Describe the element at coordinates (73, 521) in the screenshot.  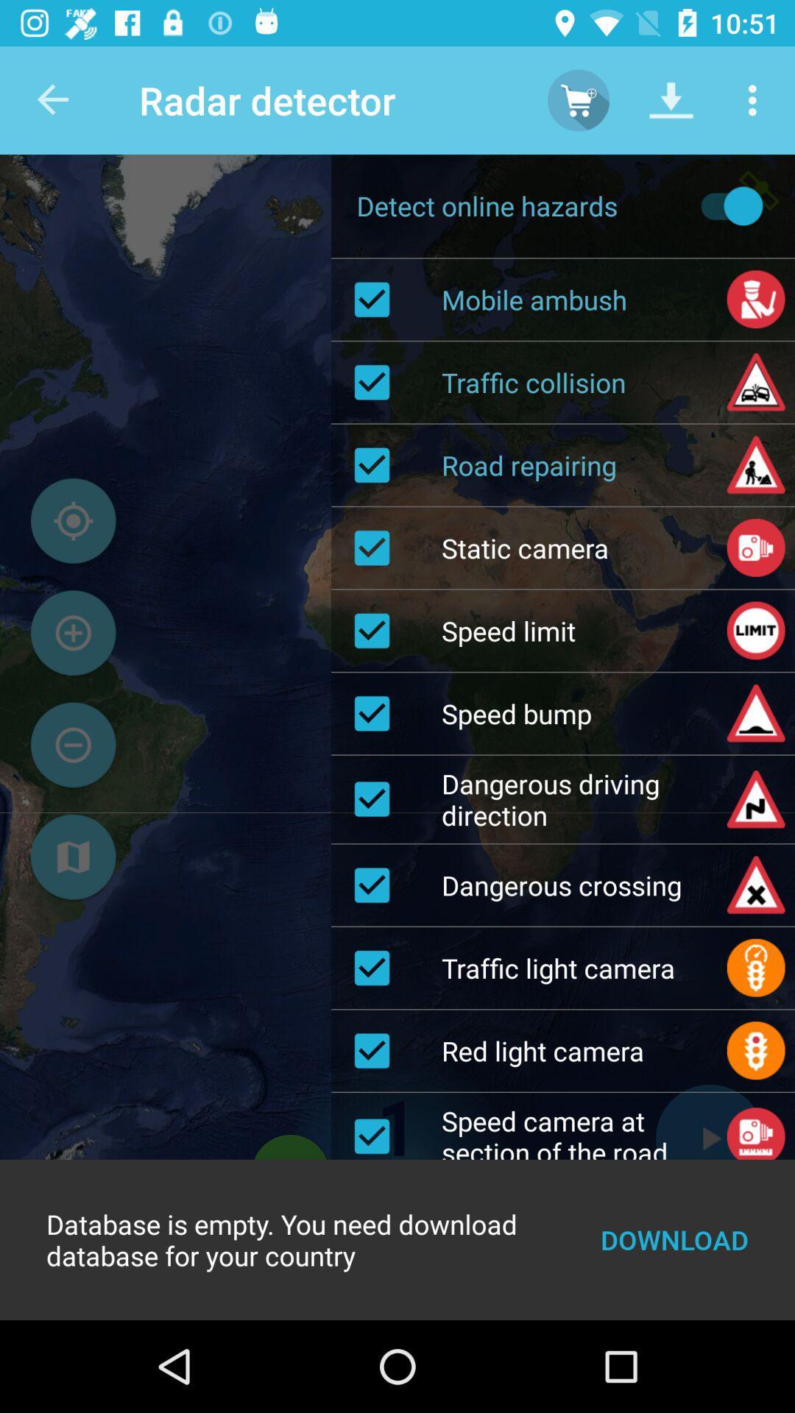
I see `the location_crosshair icon` at that location.